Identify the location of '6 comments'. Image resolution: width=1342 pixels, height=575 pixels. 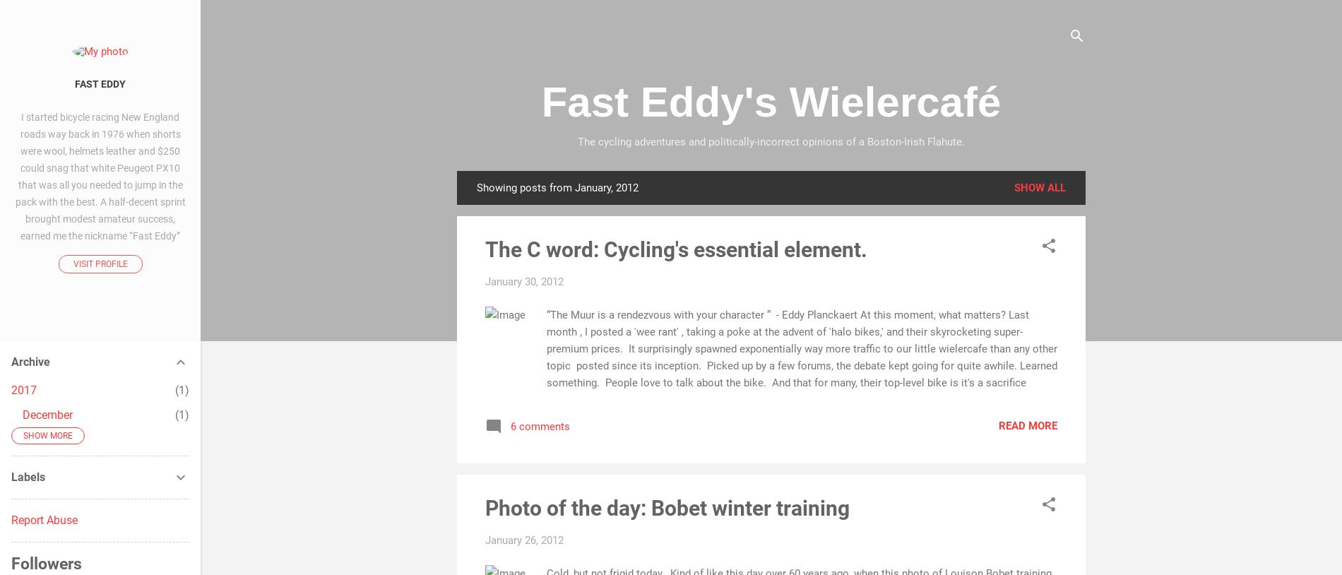
(539, 425).